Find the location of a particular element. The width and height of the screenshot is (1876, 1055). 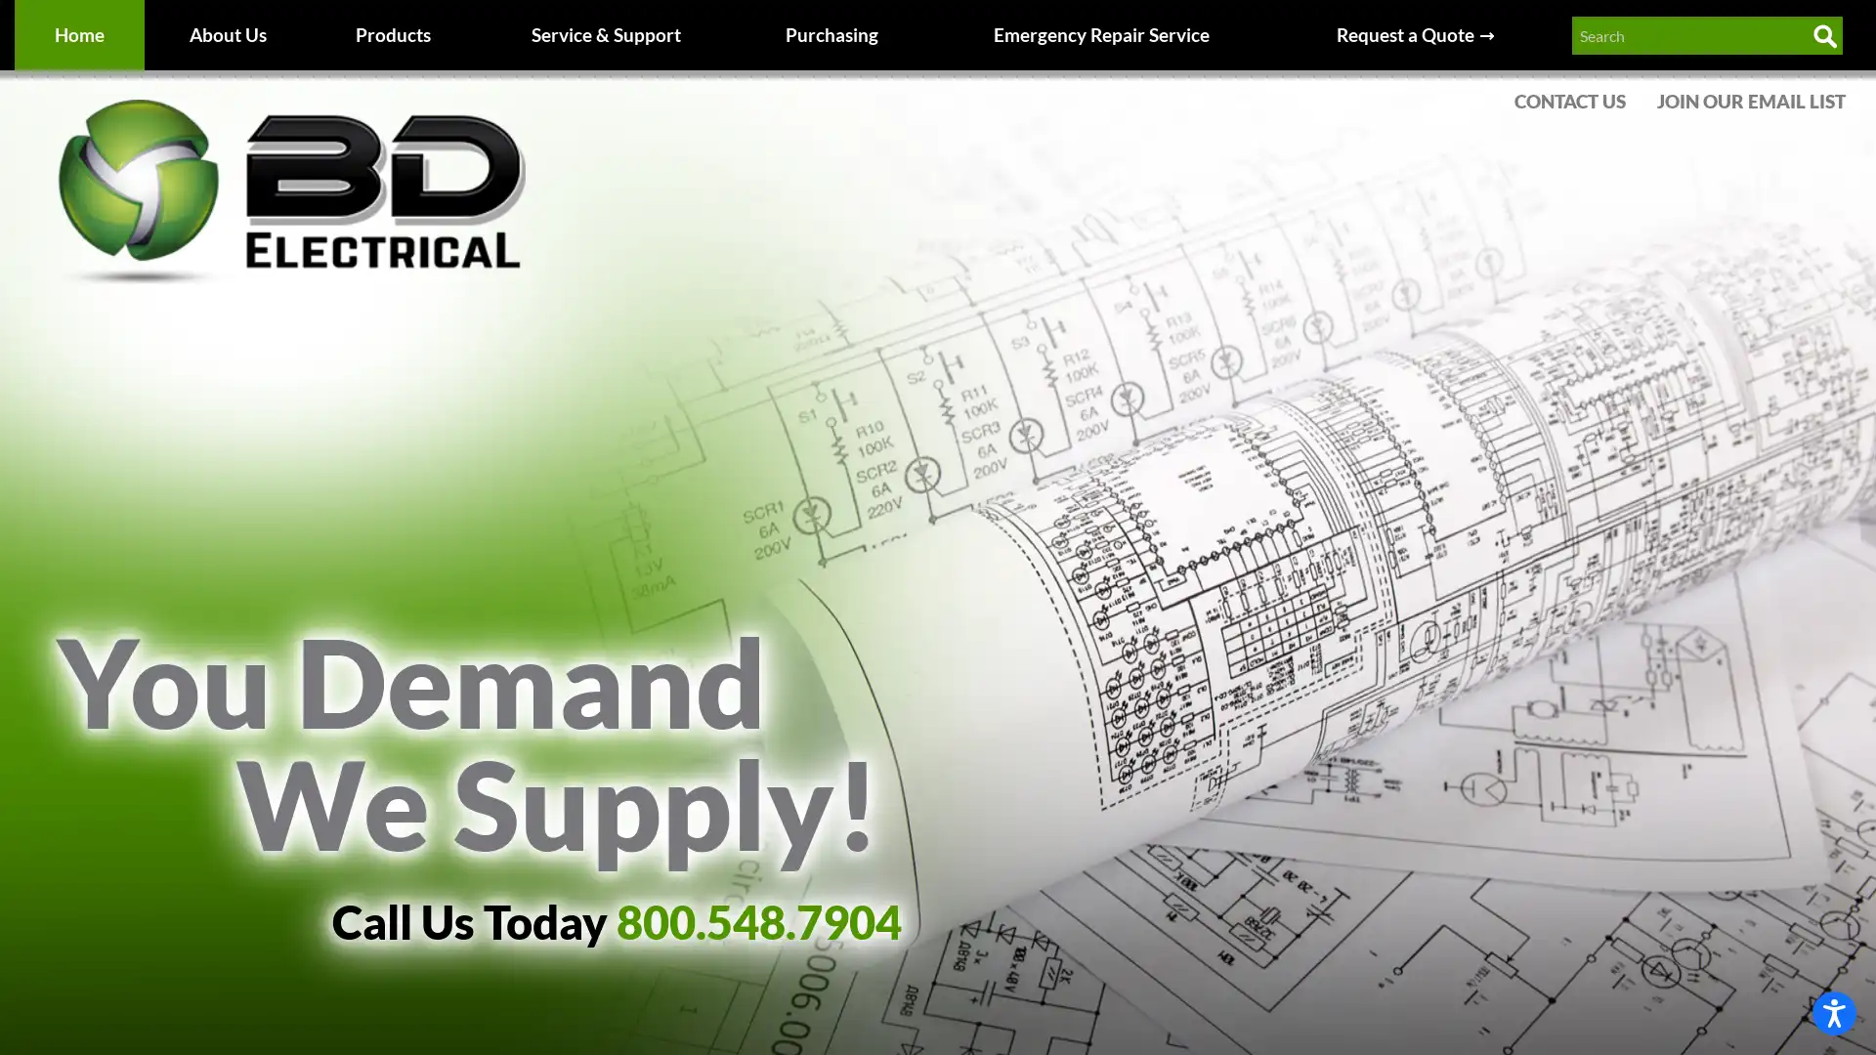

Search is located at coordinates (1823, 35).